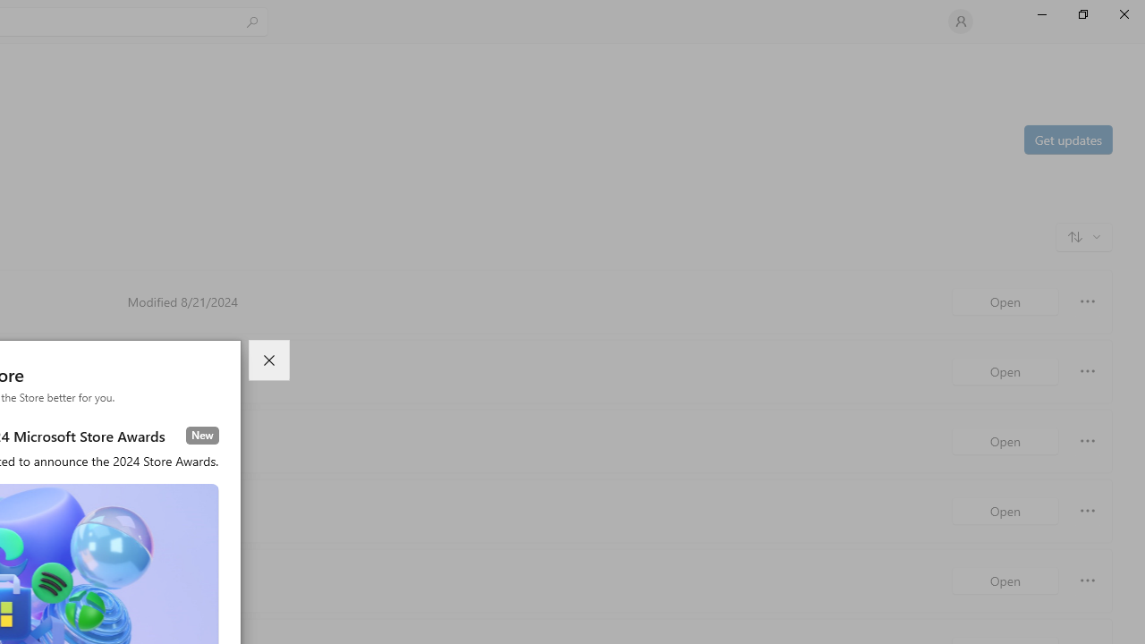 Image resolution: width=1145 pixels, height=644 pixels. What do you see at coordinates (267, 360) in the screenshot?
I see `'Close dialog'` at bounding box center [267, 360].